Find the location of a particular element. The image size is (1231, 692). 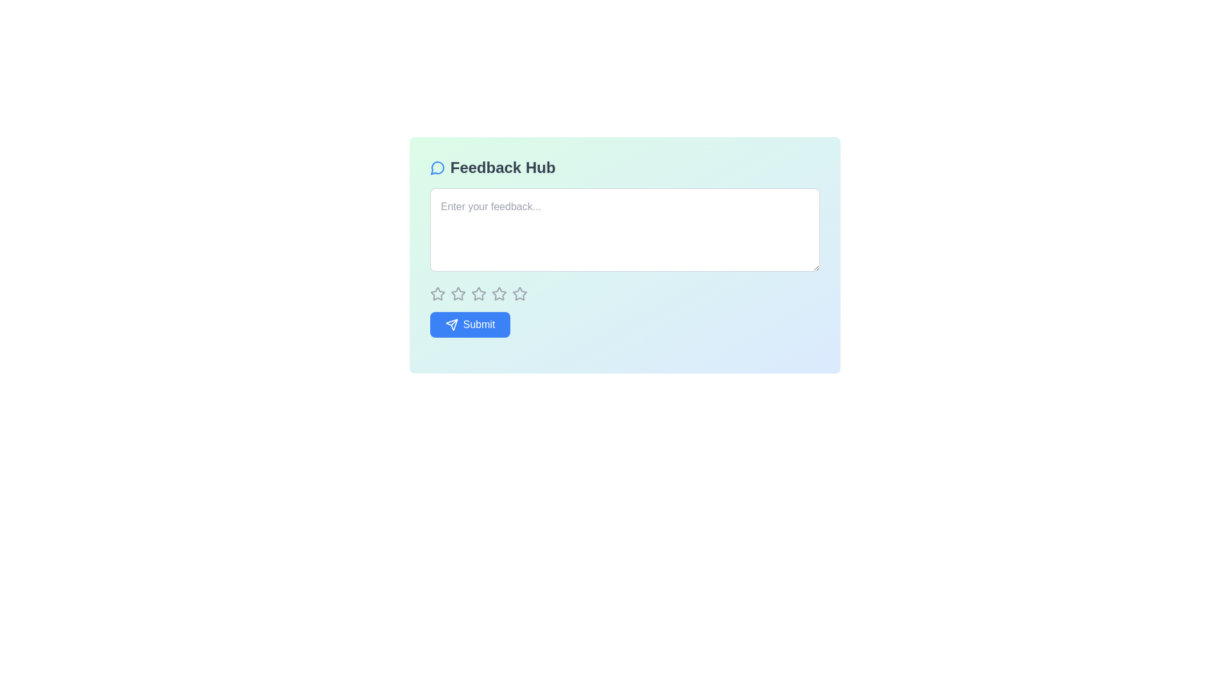

the fourth star icon in a row of five rating stars, which serves as a rating indicator that sets the rating to four stars is located at coordinates (498, 294).